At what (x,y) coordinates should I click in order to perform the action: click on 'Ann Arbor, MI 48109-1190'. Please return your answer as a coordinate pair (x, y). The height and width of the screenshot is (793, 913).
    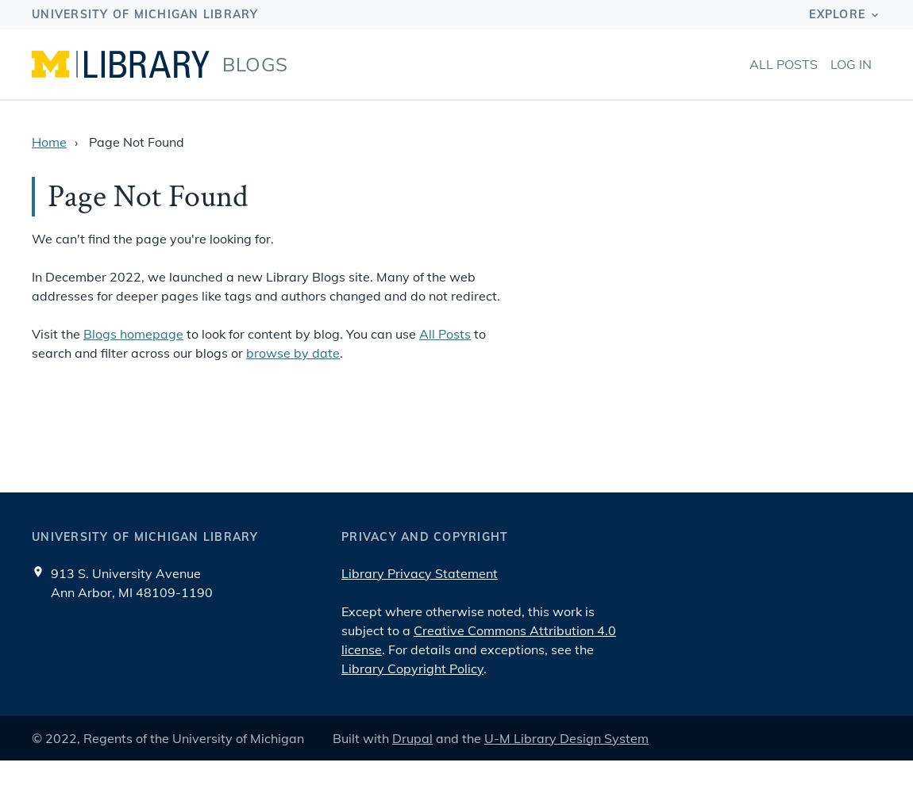
    Looking at the image, I should click on (130, 591).